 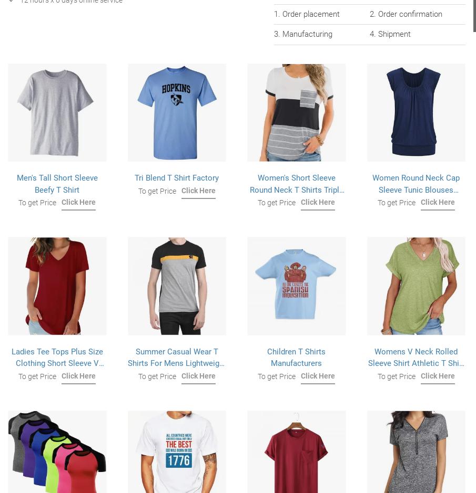 I want to click on '4. Shipment', so click(x=389, y=33).